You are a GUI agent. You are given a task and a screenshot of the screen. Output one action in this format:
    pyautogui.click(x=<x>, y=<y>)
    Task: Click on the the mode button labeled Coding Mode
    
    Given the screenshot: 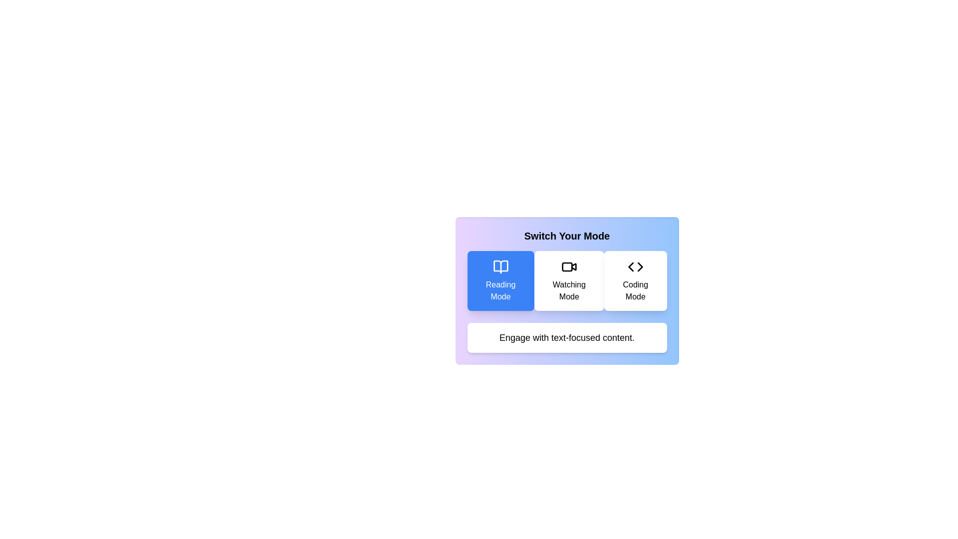 What is the action you would take?
    pyautogui.click(x=635, y=281)
    